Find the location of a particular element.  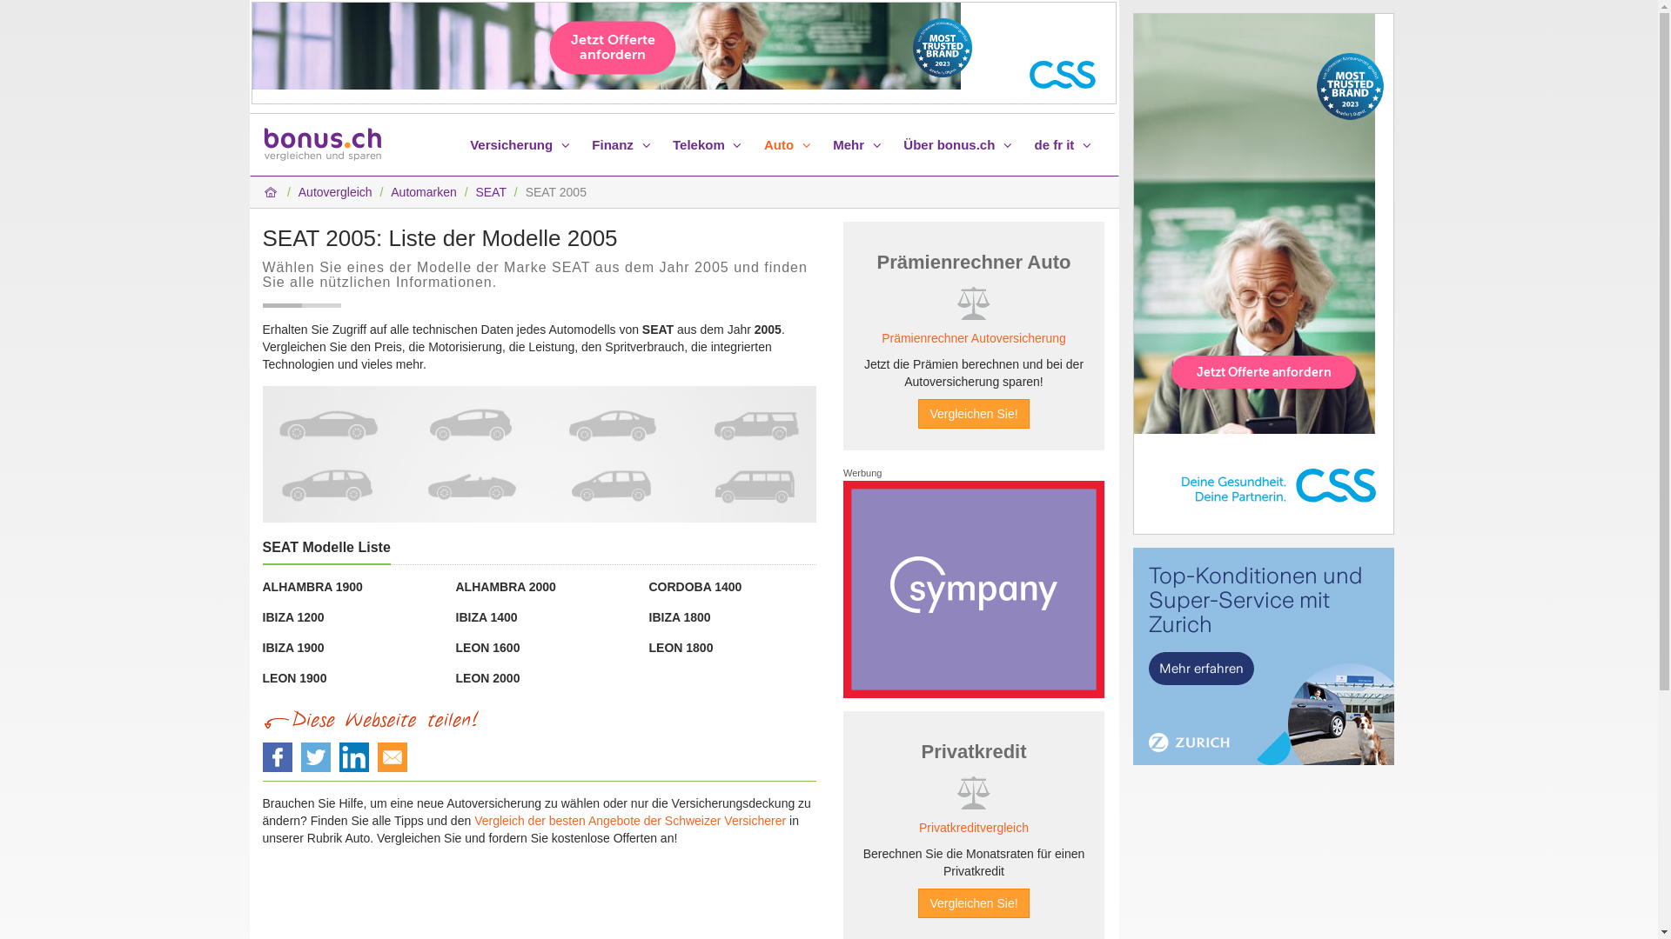

'LEON 2000' is located at coordinates (455, 676).